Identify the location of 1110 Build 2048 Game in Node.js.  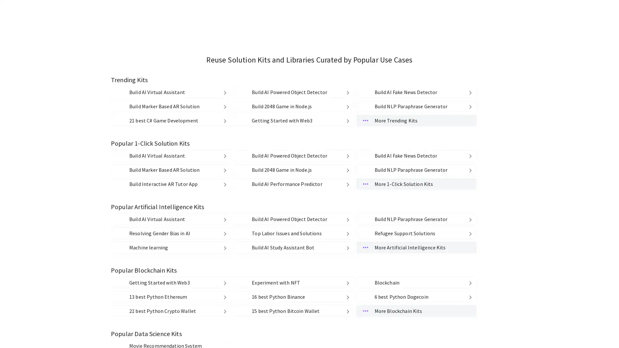
(293, 332).